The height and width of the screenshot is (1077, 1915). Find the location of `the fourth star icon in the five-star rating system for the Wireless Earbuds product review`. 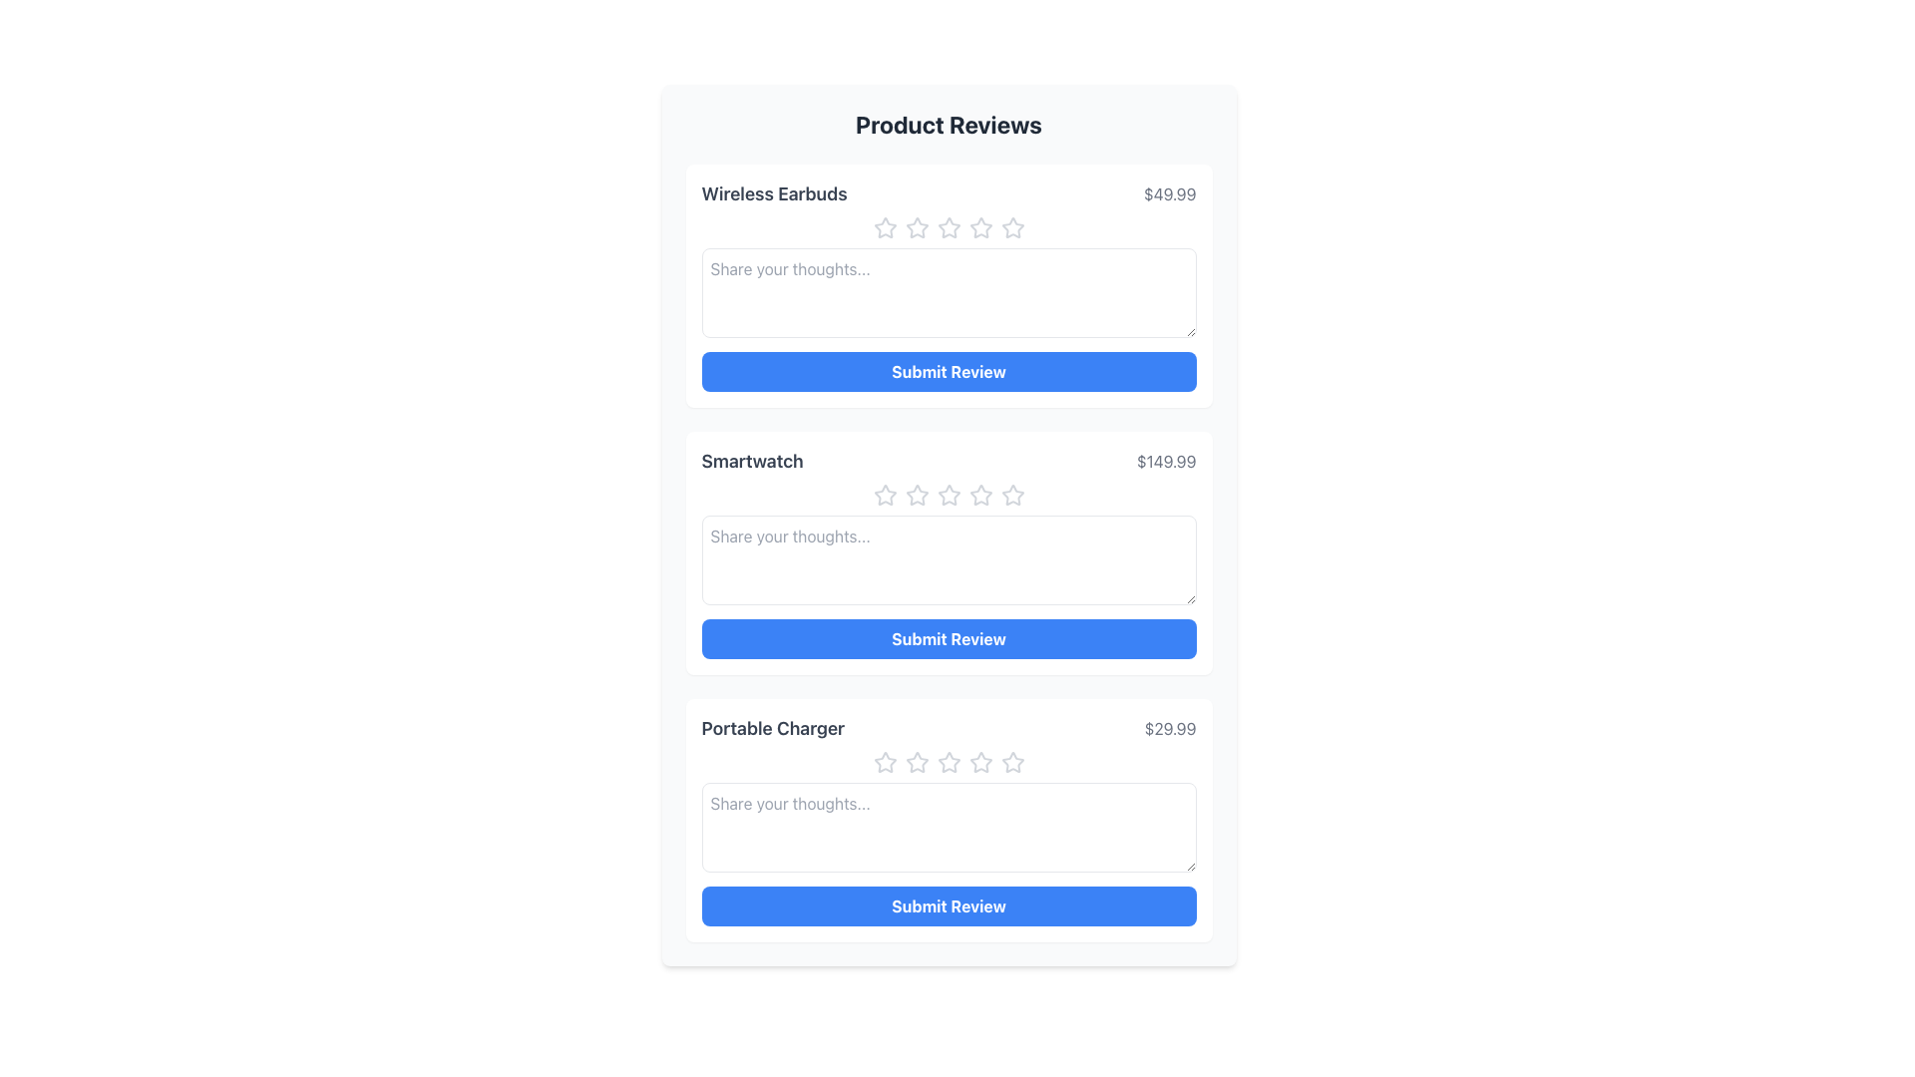

the fourth star icon in the five-star rating system for the Wireless Earbuds product review is located at coordinates (980, 226).